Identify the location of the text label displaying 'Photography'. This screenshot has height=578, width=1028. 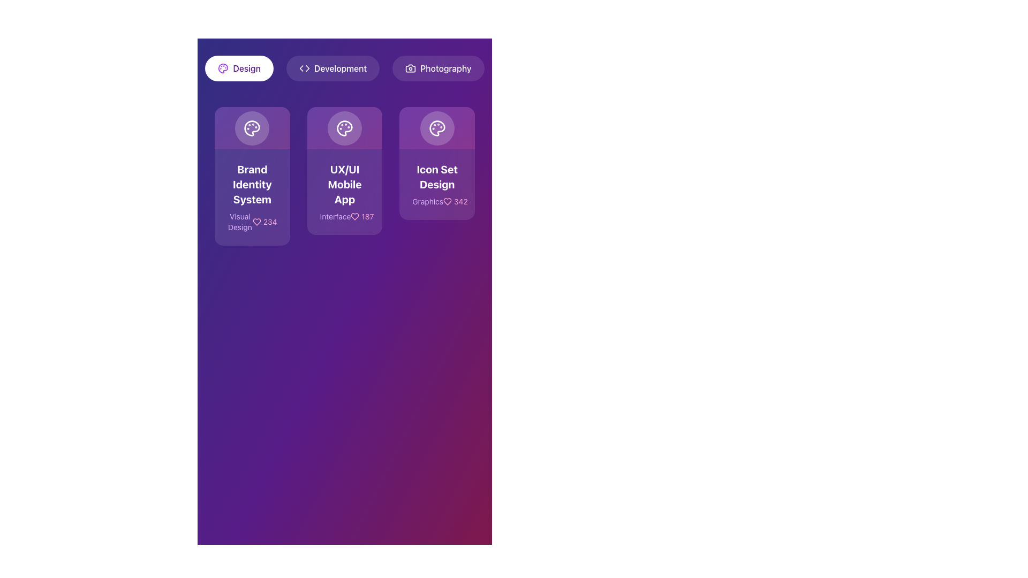
(445, 68).